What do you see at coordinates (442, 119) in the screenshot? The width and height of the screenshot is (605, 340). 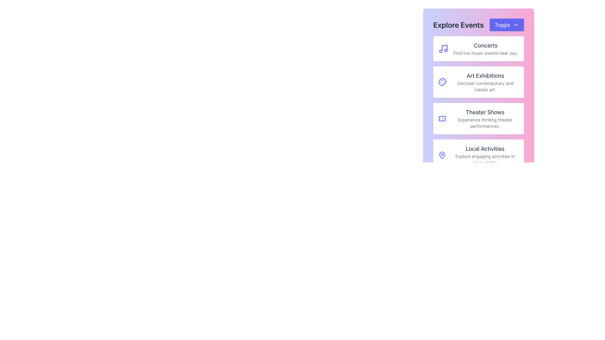 I see `the icon representing the 'Theater Shows' category, located between 'Art Exhibitions' and 'Local Activities' in the events list` at bounding box center [442, 119].